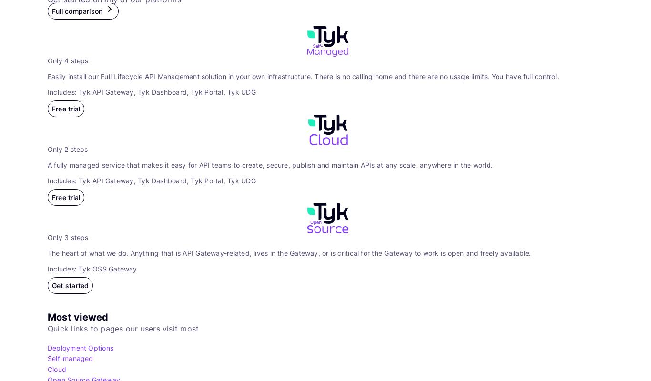 Image resolution: width=651 pixels, height=381 pixels. Describe the element at coordinates (67, 148) in the screenshot. I see `'Only 2 steps'` at that location.